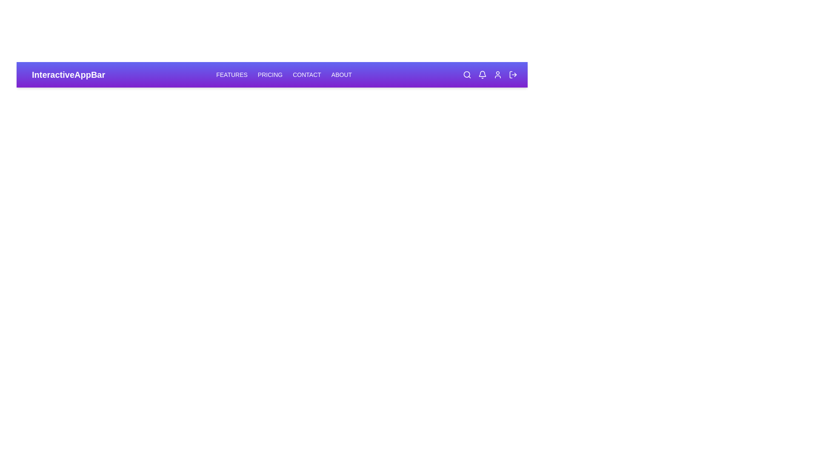 This screenshot has width=817, height=459. I want to click on the navigation link Pricing to see the hover effect, so click(269, 74).